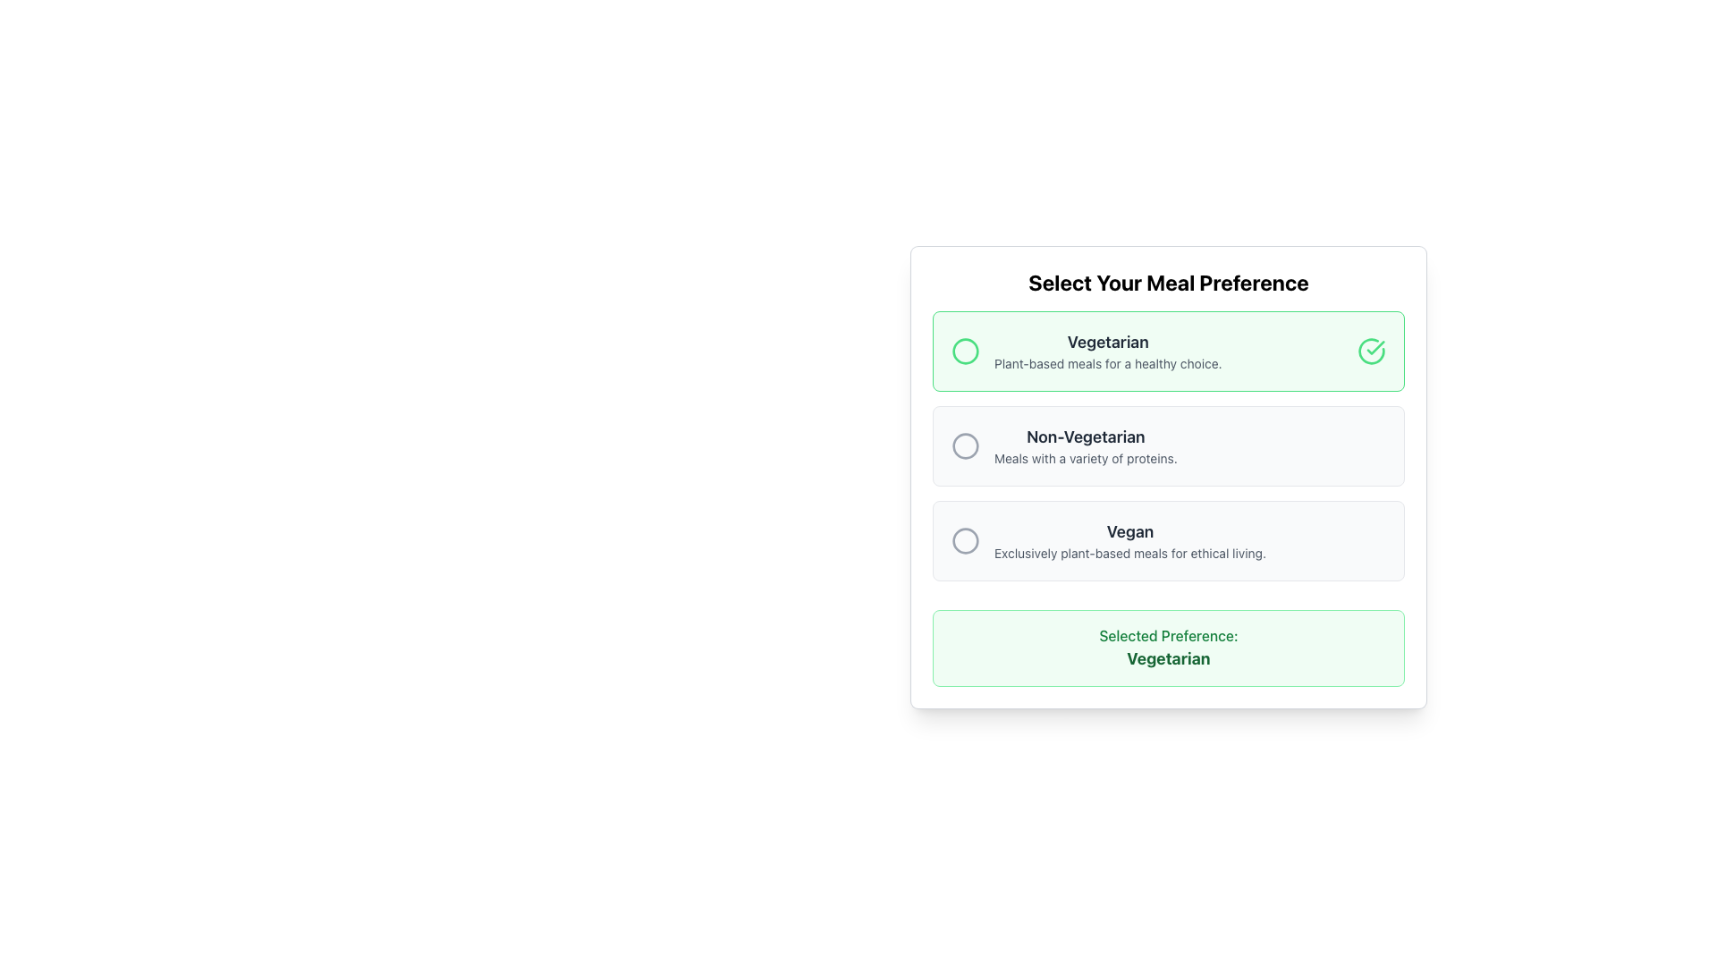  Describe the element at coordinates (1107, 352) in the screenshot. I see `information displayed on the 'Vegetarian' meal preference text element, which provides details about the vegetarian option located above the 'Non-Vegetarian' option` at that location.